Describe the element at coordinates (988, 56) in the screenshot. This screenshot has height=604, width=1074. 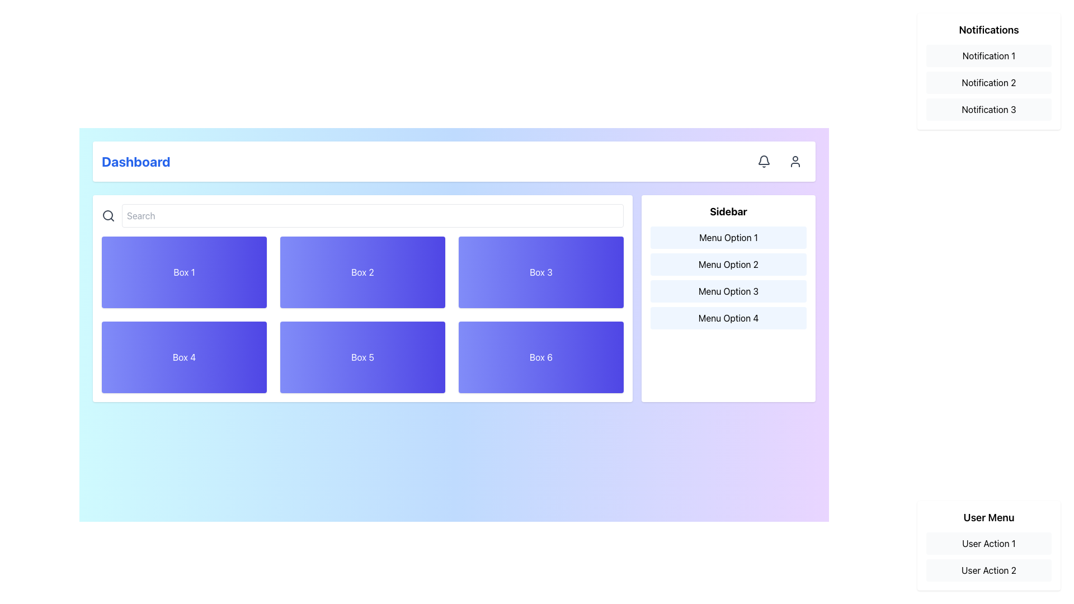
I see `the first notification item labeled 'Notification 1', which is a rectangular light gray box with rounded corners located in the upper-right corner of the interface` at that location.